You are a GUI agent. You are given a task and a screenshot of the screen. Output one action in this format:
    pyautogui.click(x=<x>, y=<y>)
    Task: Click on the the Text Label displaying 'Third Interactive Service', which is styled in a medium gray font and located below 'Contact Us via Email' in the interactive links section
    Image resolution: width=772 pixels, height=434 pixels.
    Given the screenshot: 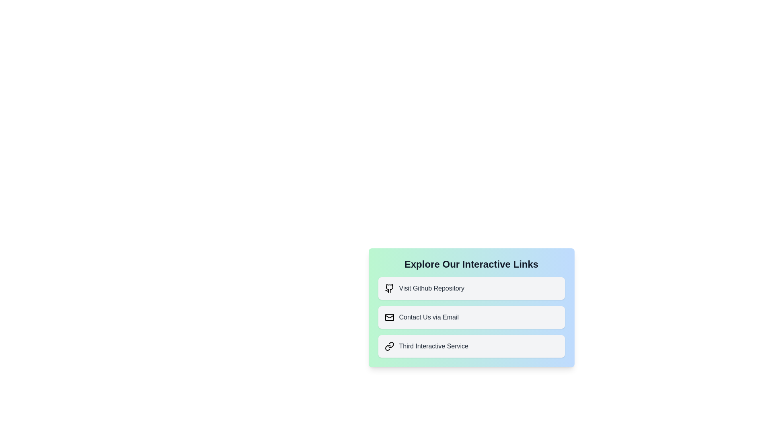 What is the action you would take?
    pyautogui.click(x=433, y=346)
    